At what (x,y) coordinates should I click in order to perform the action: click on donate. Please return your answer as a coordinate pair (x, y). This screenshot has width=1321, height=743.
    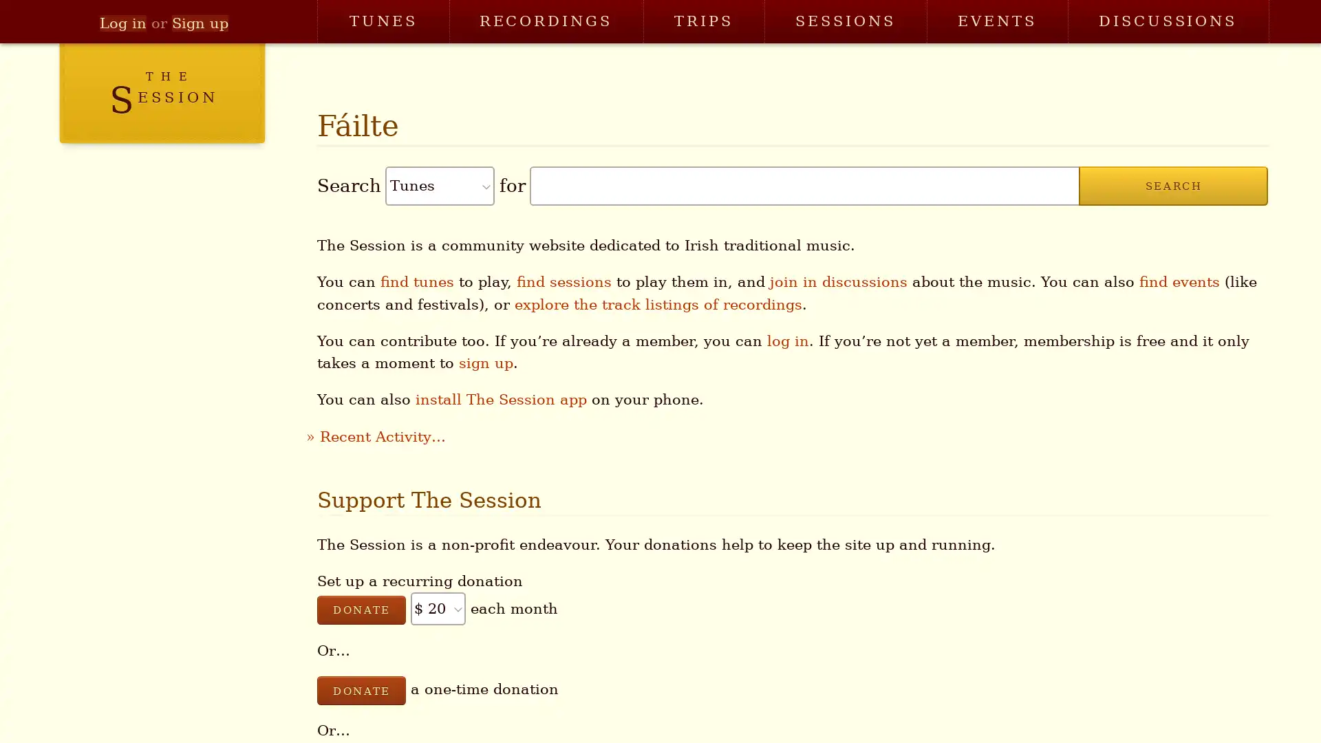
    Looking at the image, I should click on (361, 690).